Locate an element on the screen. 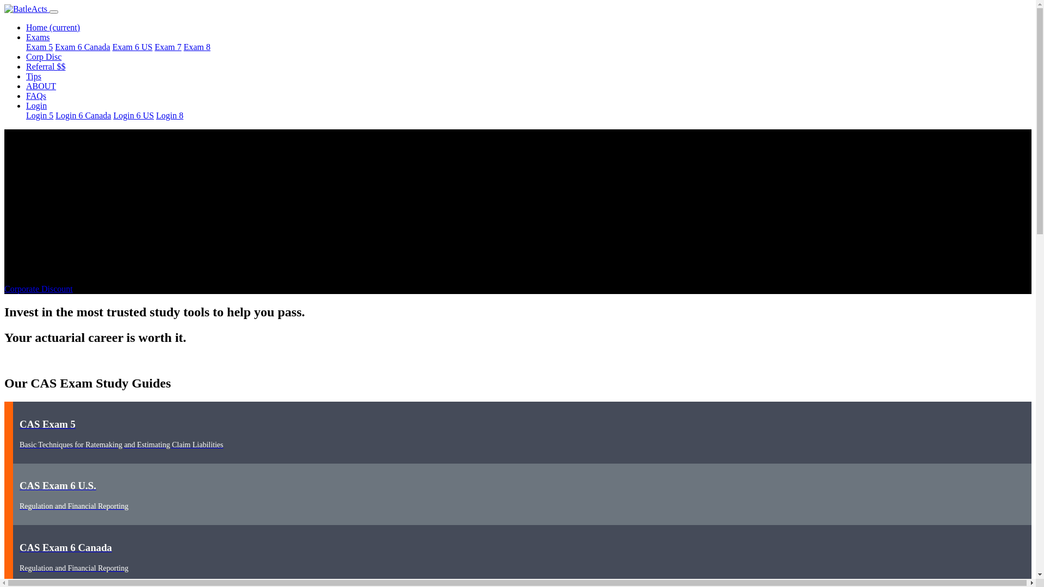 Image resolution: width=1044 pixels, height=587 pixels. 'Exams' is located at coordinates (26, 36).